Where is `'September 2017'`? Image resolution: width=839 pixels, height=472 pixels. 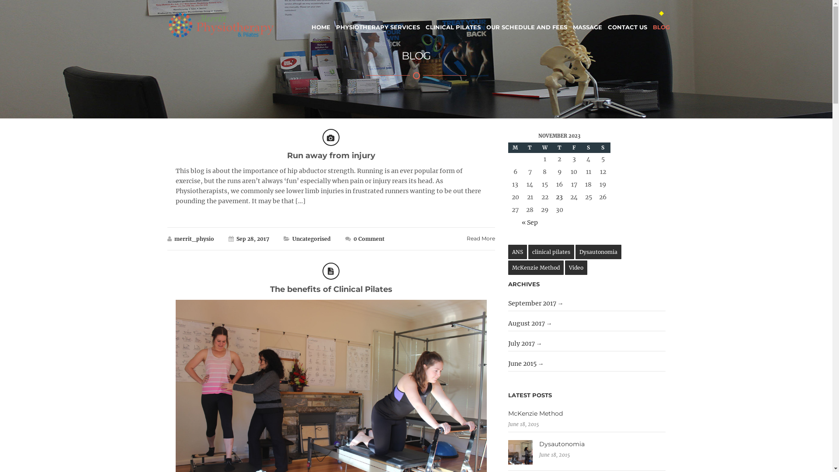 'September 2017' is located at coordinates (535, 303).